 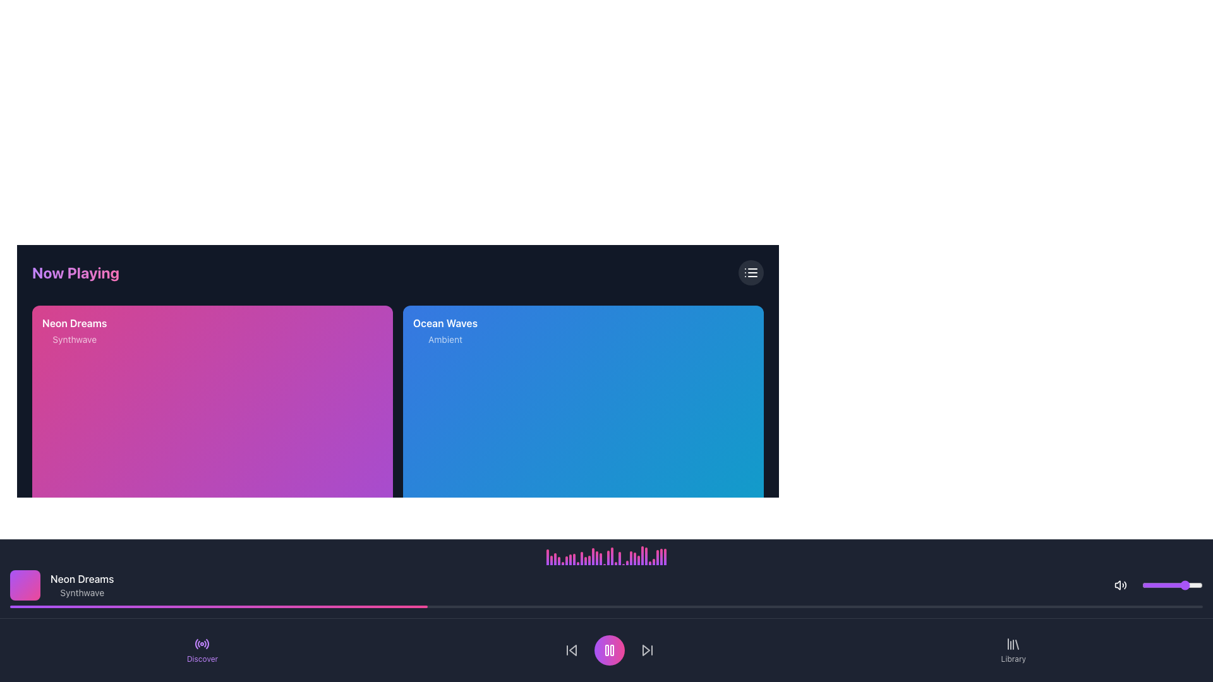 I want to click on the text block containing 'Ocean Waves' and 'Ambient' for accessibility tools by clicking on its center point, so click(x=582, y=330).